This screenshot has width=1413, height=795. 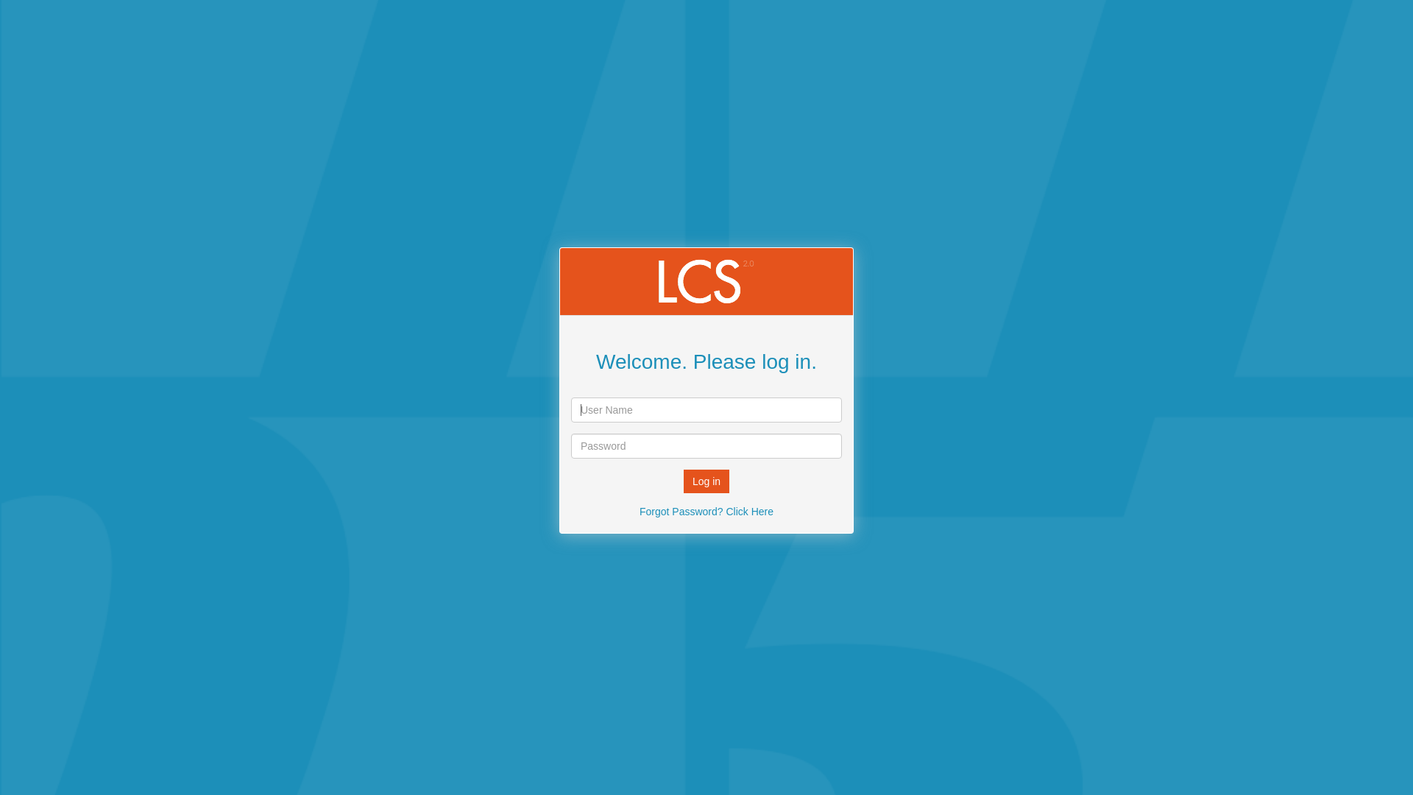 I want to click on 'Log in', so click(x=706, y=481).